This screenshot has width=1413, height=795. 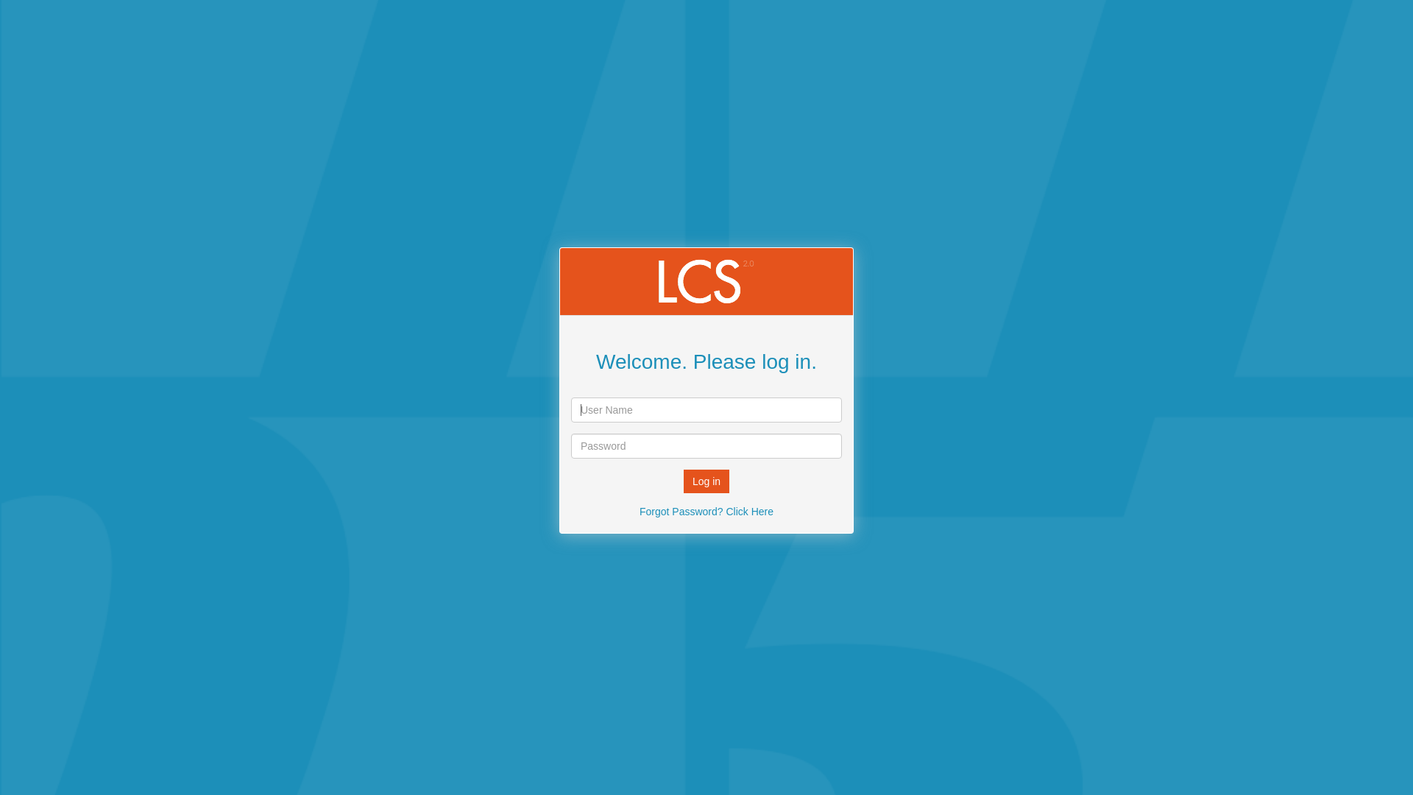 I want to click on 'Log in', so click(x=706, y=481).